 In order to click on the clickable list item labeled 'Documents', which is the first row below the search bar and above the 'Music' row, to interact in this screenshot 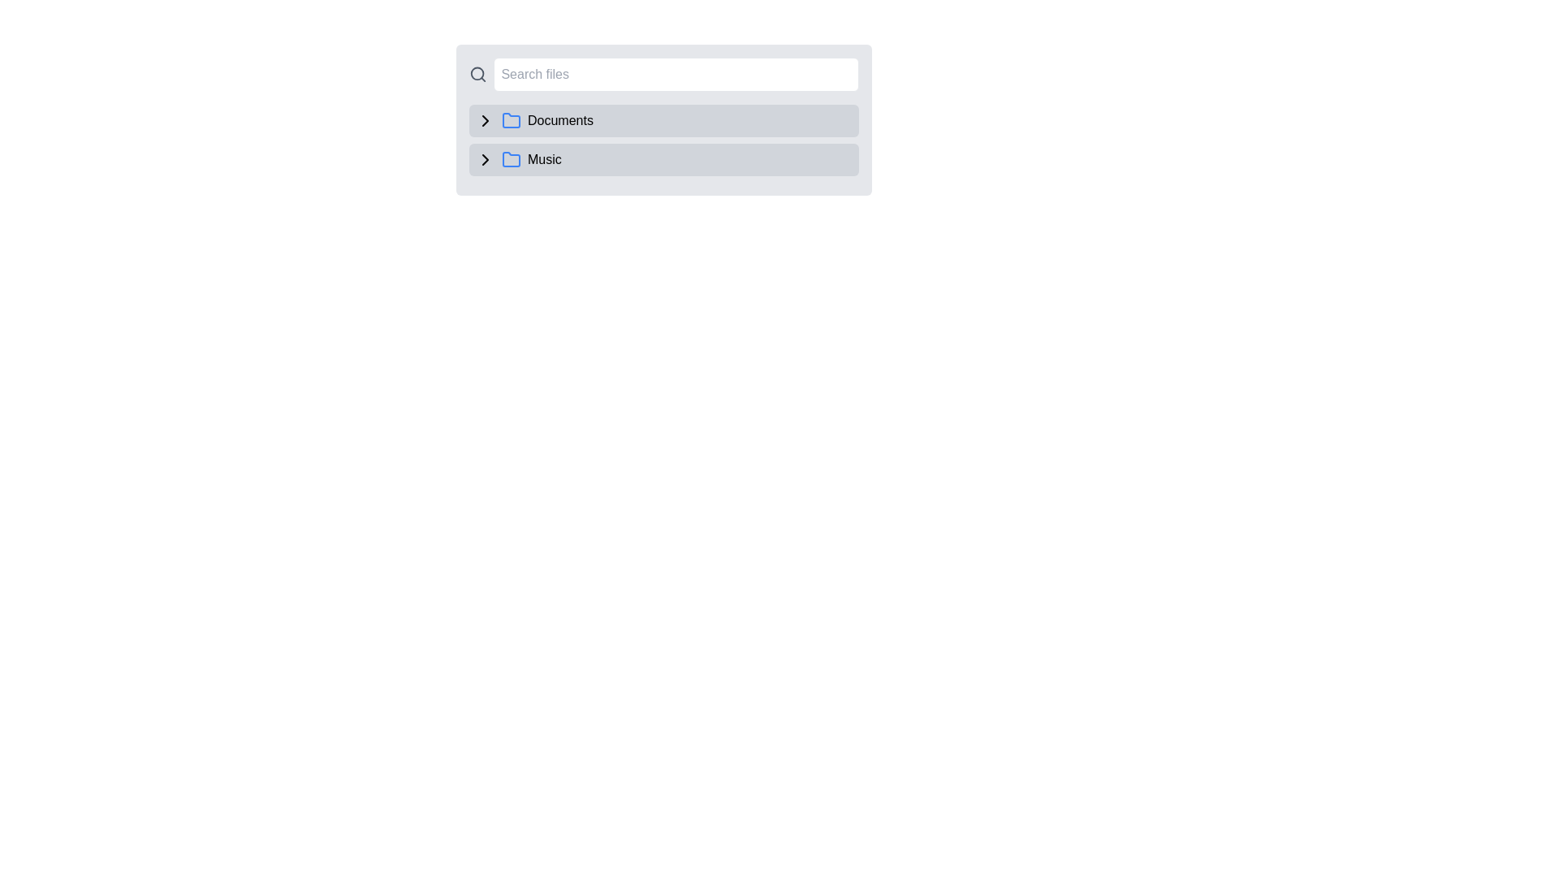, I will do `click(663, 119)`.